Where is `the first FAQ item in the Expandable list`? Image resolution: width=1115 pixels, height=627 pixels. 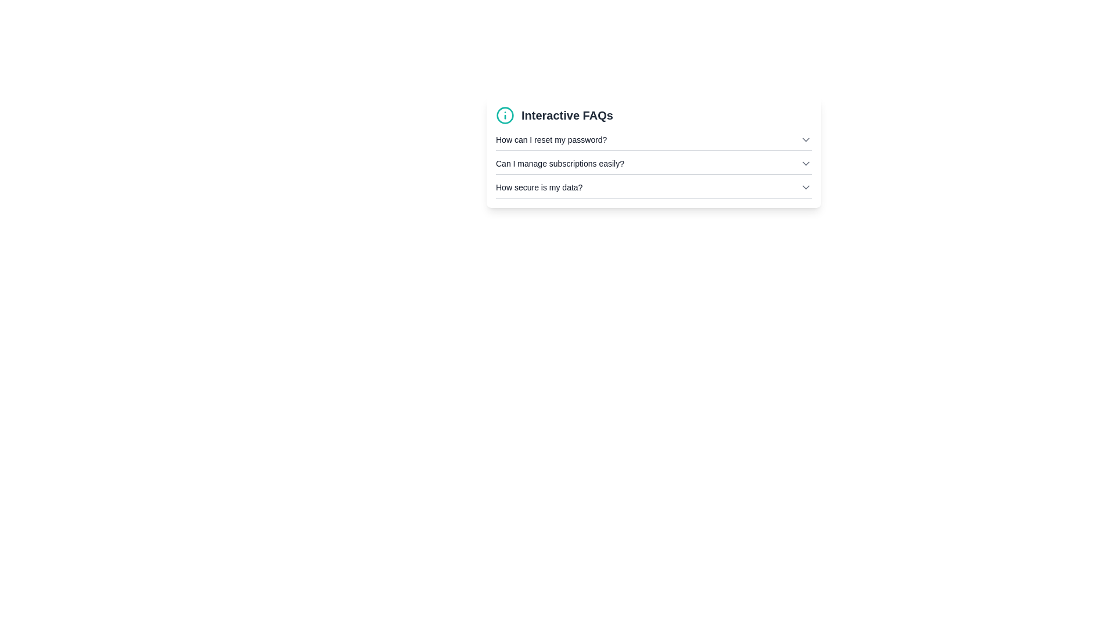
the first FAQ item in the Expandable list is located at coordinates (654, 142).